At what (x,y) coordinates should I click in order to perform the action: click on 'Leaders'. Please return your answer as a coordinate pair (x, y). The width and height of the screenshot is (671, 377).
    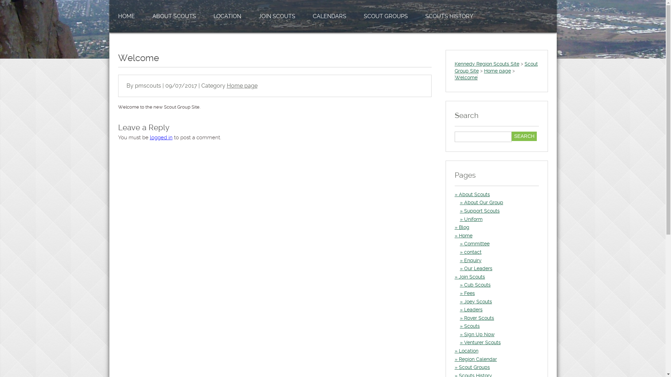
    Looking at the image, I should click on (471, 309).